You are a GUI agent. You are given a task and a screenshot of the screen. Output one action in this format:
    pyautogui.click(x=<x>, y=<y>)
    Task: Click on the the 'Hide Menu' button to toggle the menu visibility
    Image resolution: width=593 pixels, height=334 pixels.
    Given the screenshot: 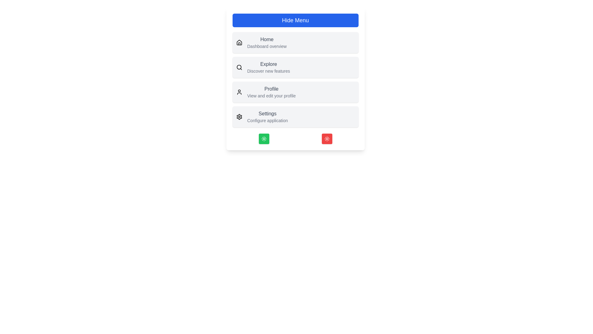 What is the action you would take?
    pyautogui.click(x=295, y=20)
    